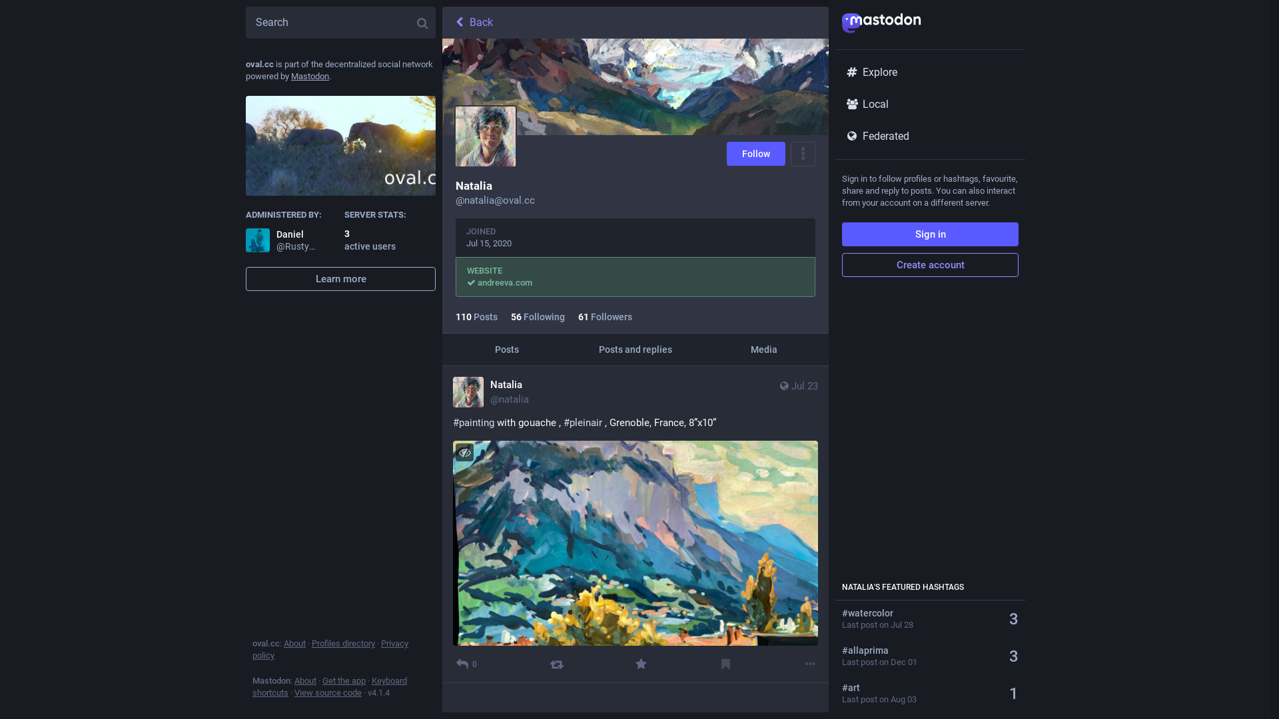 The height and width of the screenshot is (719, 1279). What do you see at coordinates (471, 282) in the screenshot?
I see `'Ownership of this link was checked on Jul 22, 2020, 23:04'` at bounding box center [471, 282].